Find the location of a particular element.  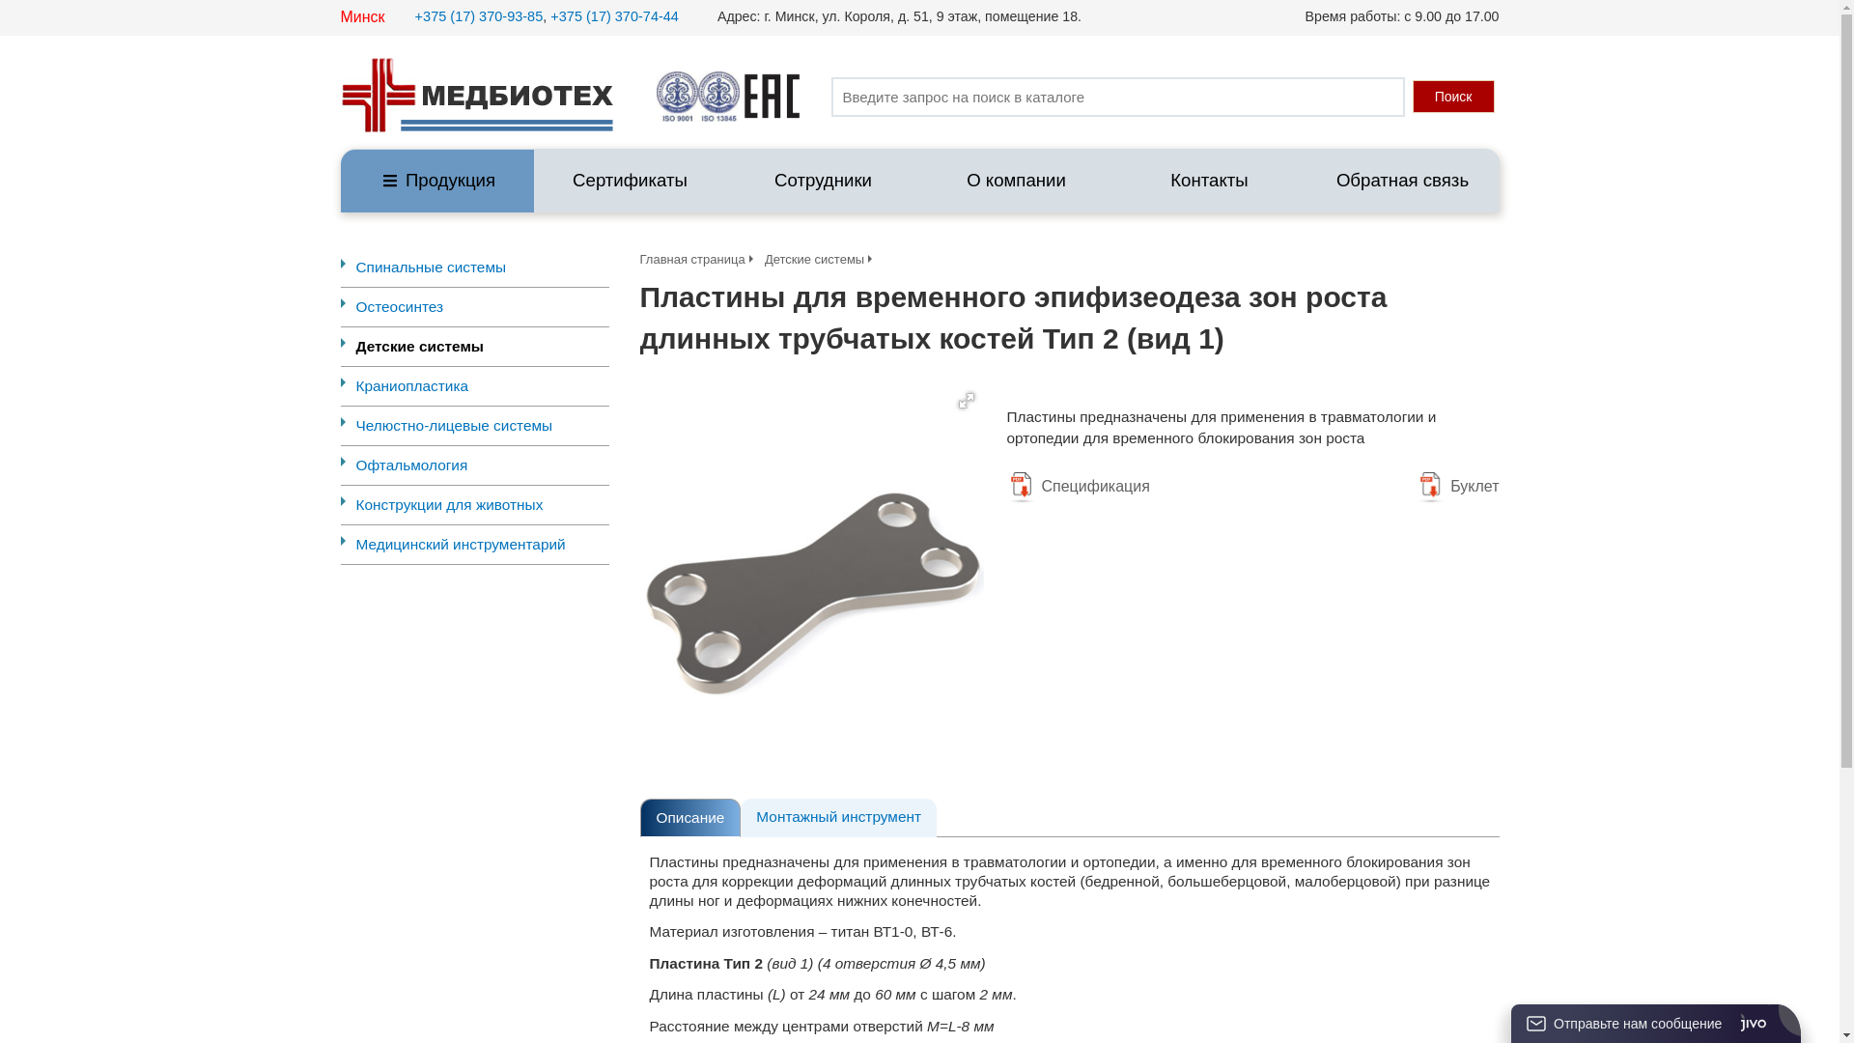

'EAC' is located at coordinates (771, 97).